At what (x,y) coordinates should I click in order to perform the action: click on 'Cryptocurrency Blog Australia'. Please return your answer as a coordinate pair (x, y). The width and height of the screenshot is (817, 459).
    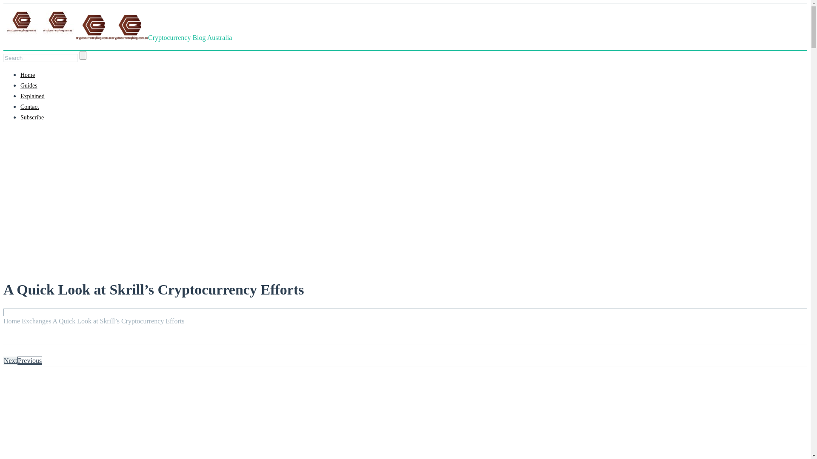
    Looking at the image, I should click on (94, 27).